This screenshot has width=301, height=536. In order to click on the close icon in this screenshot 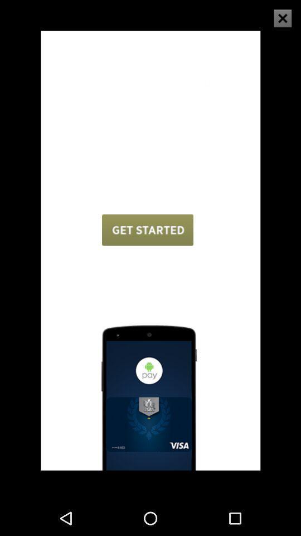, I will do `click(283, 19)`.